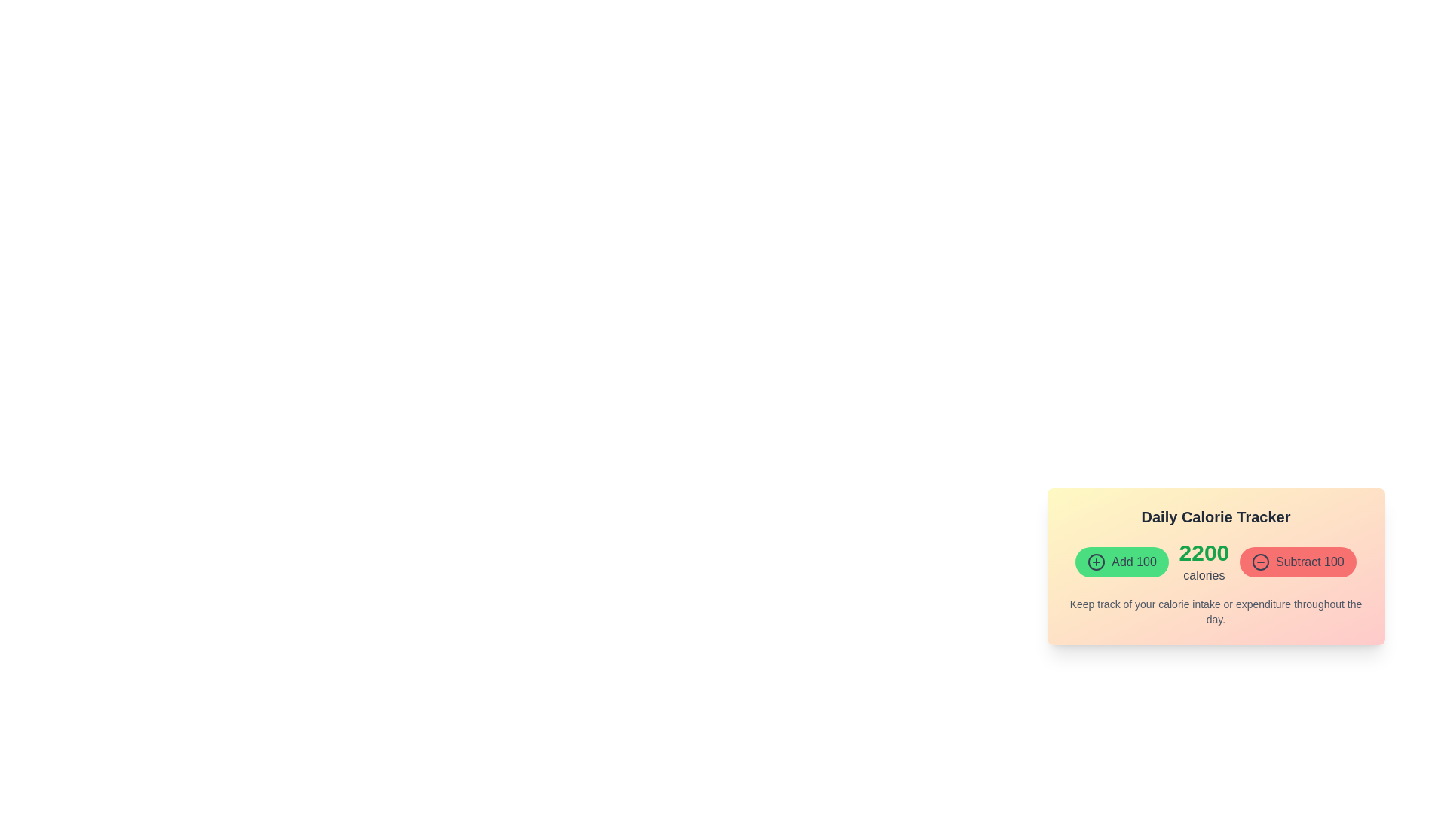  What do you see at coordinates (1261, 562) in the screenshot?
I see `the circular icon with a thin border and a horizontal line at its center, which is located within the 'Subtract 100' button in the Daily Calorie Tracker interface` at bounding box center [1261, 562].